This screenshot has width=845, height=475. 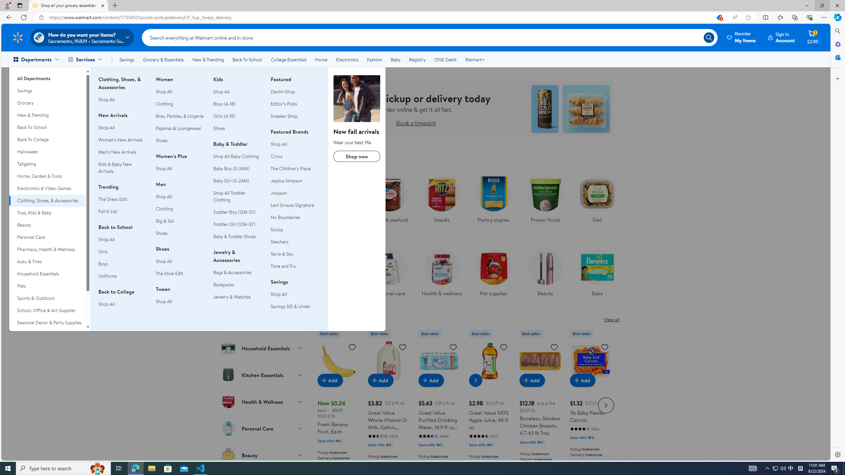 What do you see at coordinates (47, 310) in the screenshot?
I see `'School, Office & Art Supplies'` at bounding box center [47, 310].